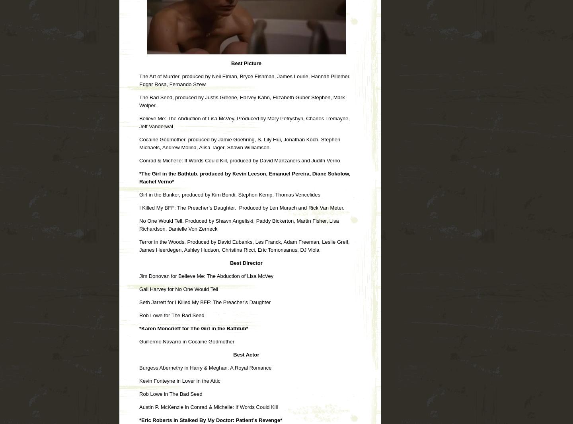 This screenshot has width=573, height=424. What do you see at coordinates (172, 315) in the screenshot?
I see `'Rob Lowe for The Bad Seed'` at bounding box center [172, 315].